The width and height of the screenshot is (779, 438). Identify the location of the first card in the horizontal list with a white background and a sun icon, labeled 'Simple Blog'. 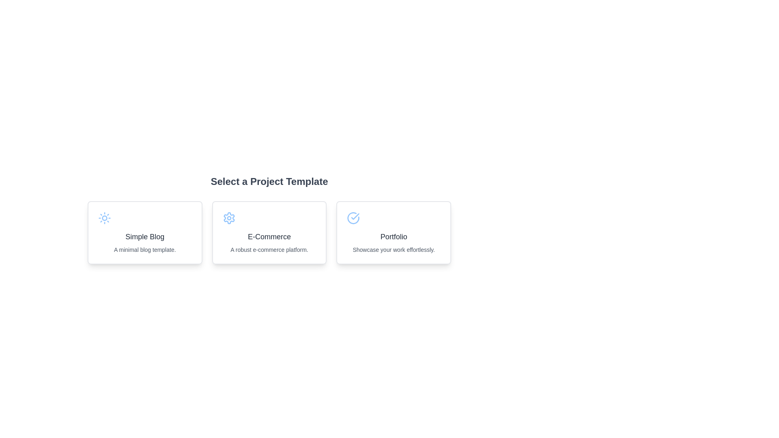
(145, 233).